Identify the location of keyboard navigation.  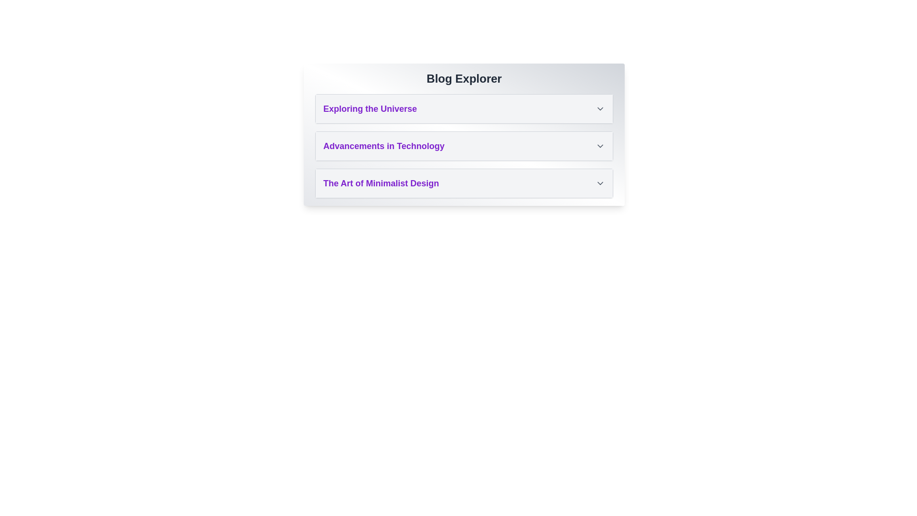
(464, 108).